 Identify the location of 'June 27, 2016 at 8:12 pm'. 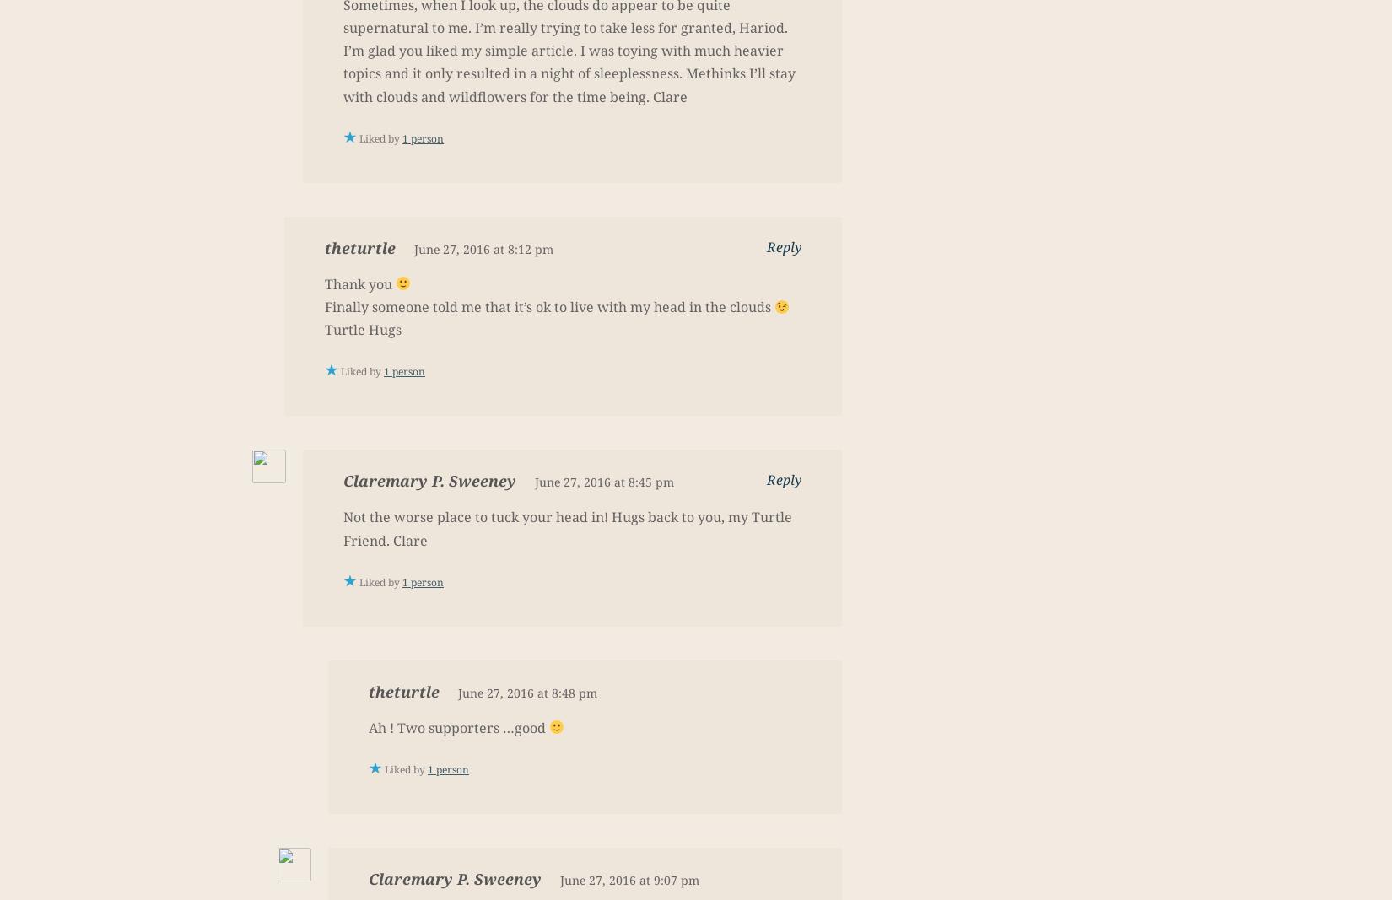
(413, 248).